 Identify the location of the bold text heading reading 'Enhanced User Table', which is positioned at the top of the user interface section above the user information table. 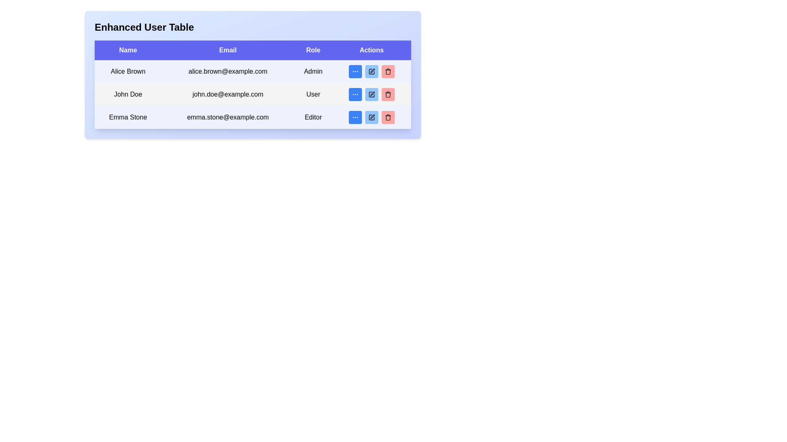
(144, 27).